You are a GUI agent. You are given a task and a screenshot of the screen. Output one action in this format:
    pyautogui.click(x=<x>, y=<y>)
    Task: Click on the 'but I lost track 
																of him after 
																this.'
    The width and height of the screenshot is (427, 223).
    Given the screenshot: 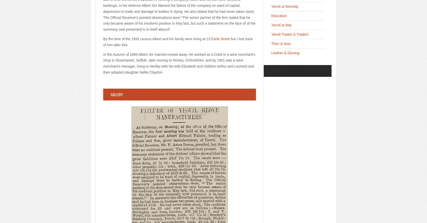 What is the action you would take?
    pyautogui.click(x=178, y=41)
    